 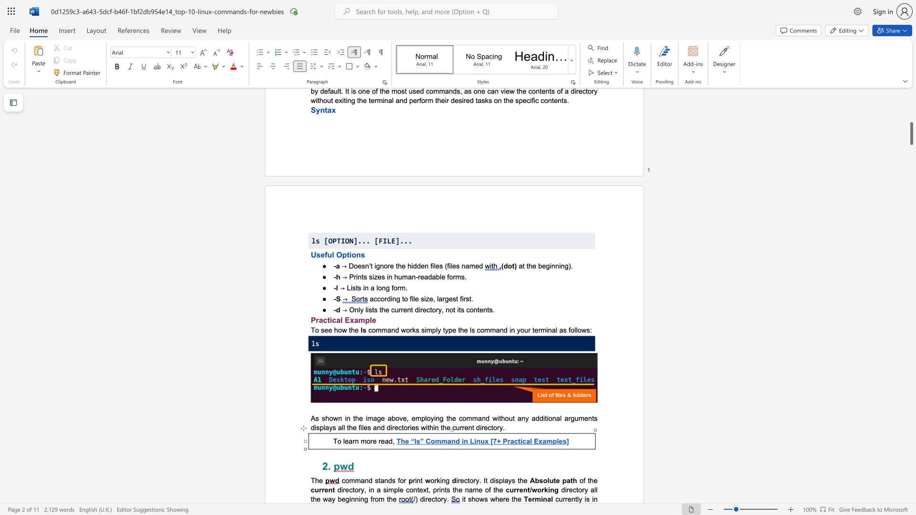 What do you see at coordinates (333, 498) in the screenshot?
I see `the 2th character "y" in the text` at bounding box center [333, 498].